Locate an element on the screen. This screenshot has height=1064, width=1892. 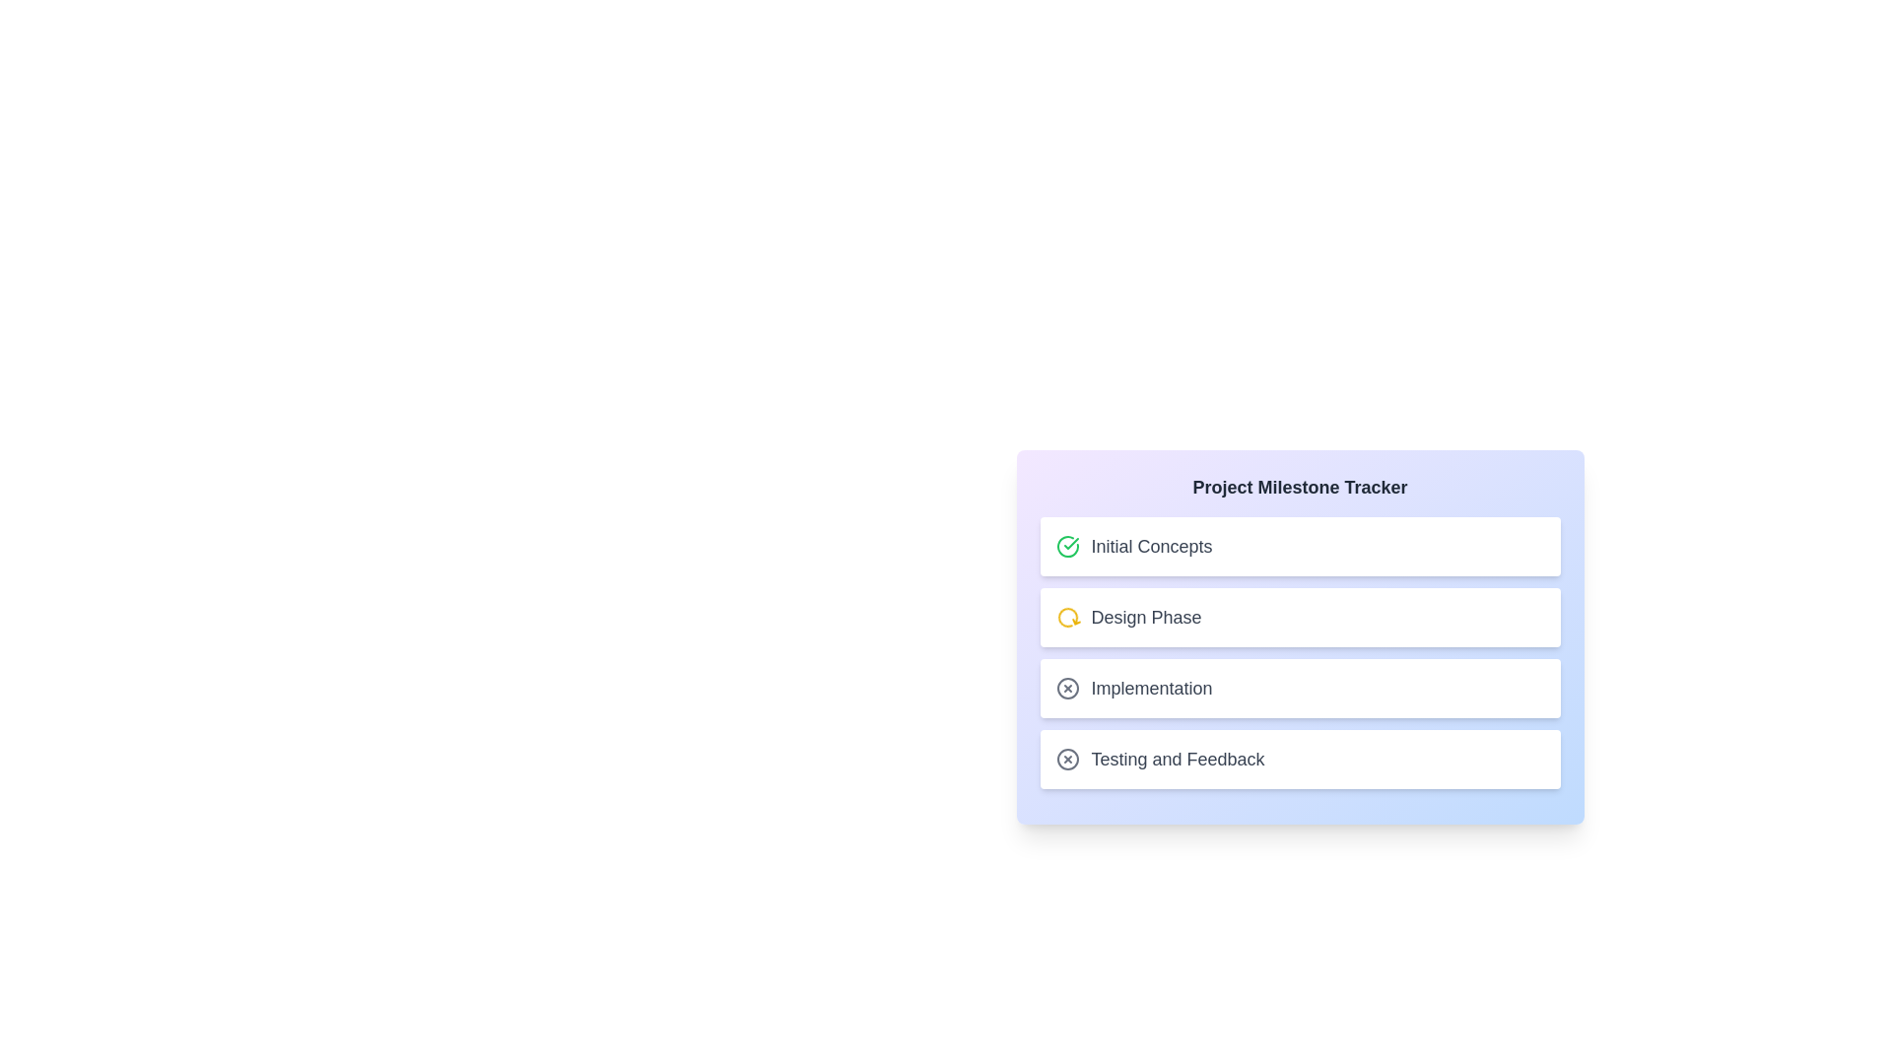
the third list item in the 'Project Milestone Tracker' representing the 'Implementation' phase is located at coordinates (1134, 687).